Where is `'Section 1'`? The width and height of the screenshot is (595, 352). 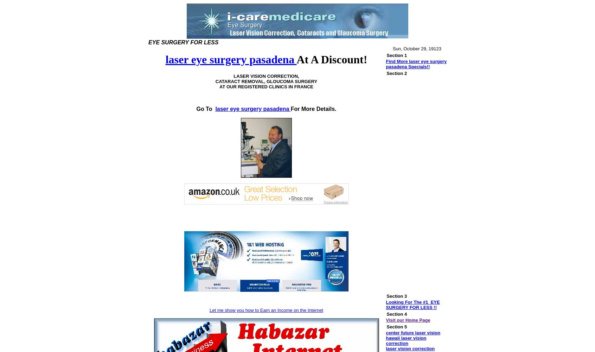 'Section 1' is located at coordinates (397, 55).